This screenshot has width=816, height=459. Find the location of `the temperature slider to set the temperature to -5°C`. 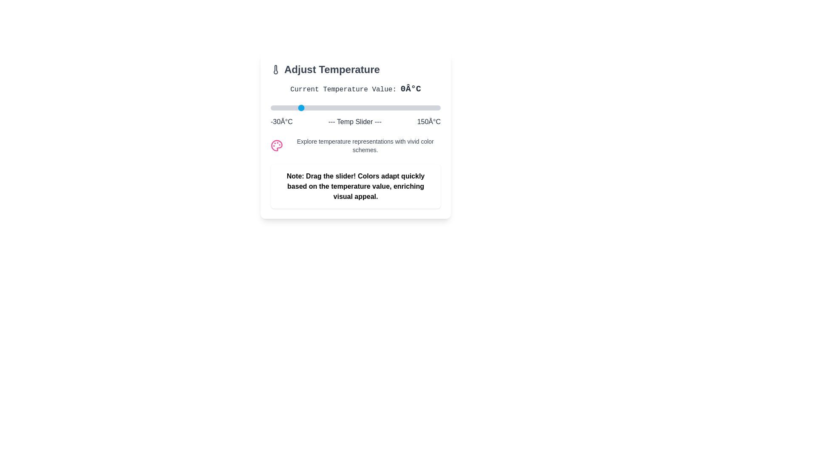

the temperature slider to set the temperature to -5°C is located at coordinates (294, 108).